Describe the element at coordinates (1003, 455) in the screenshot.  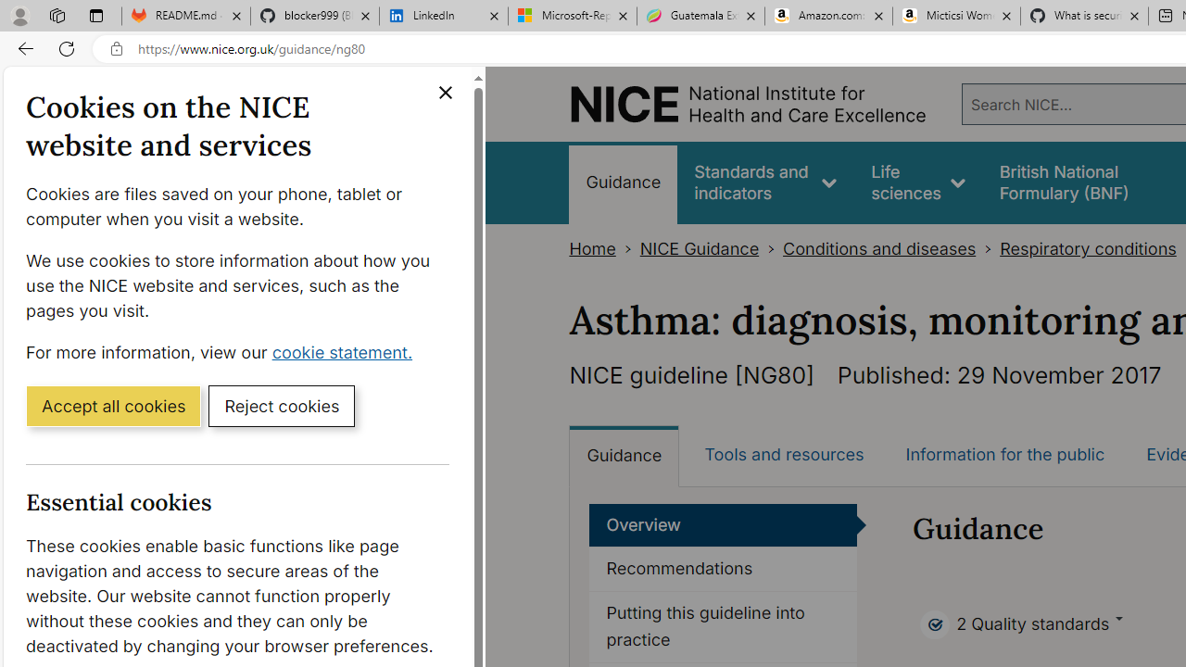
I see `'Information for the public'` at that location.